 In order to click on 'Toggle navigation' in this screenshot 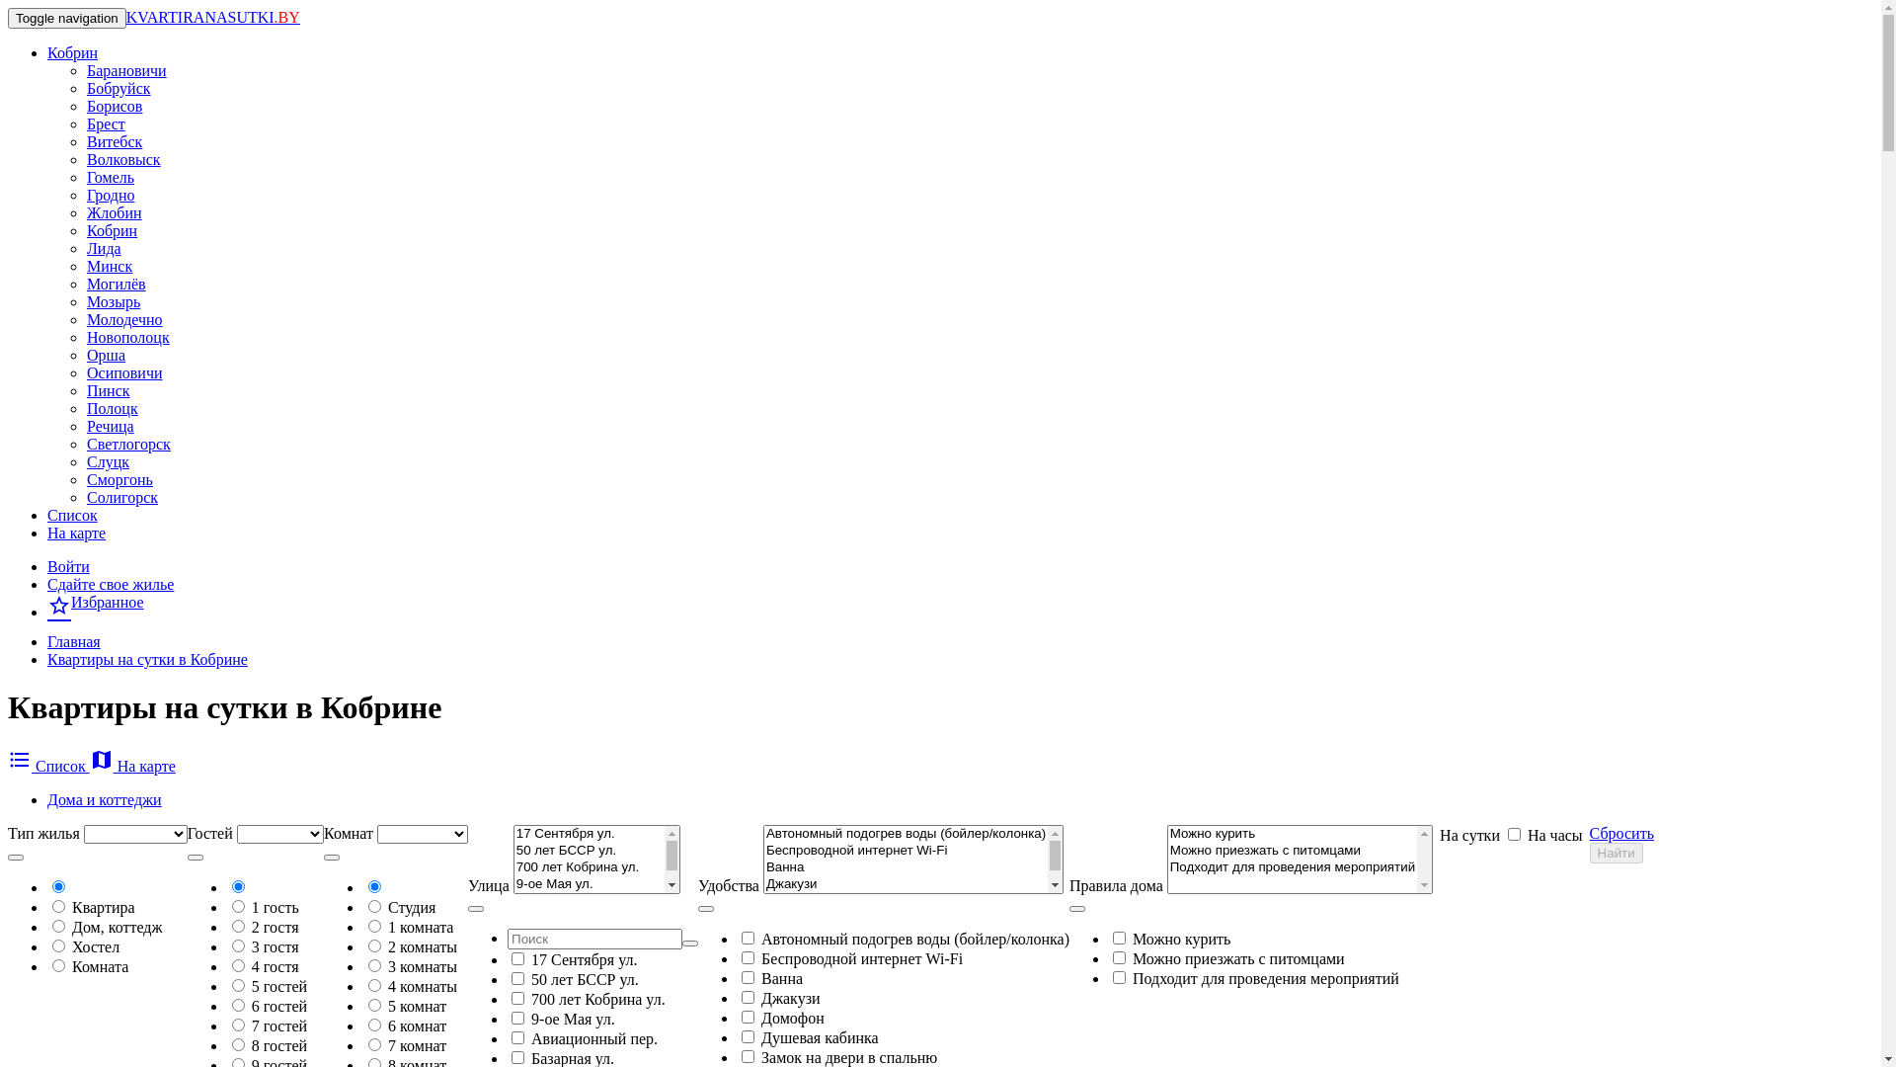, I will do `click(66, 18)`.